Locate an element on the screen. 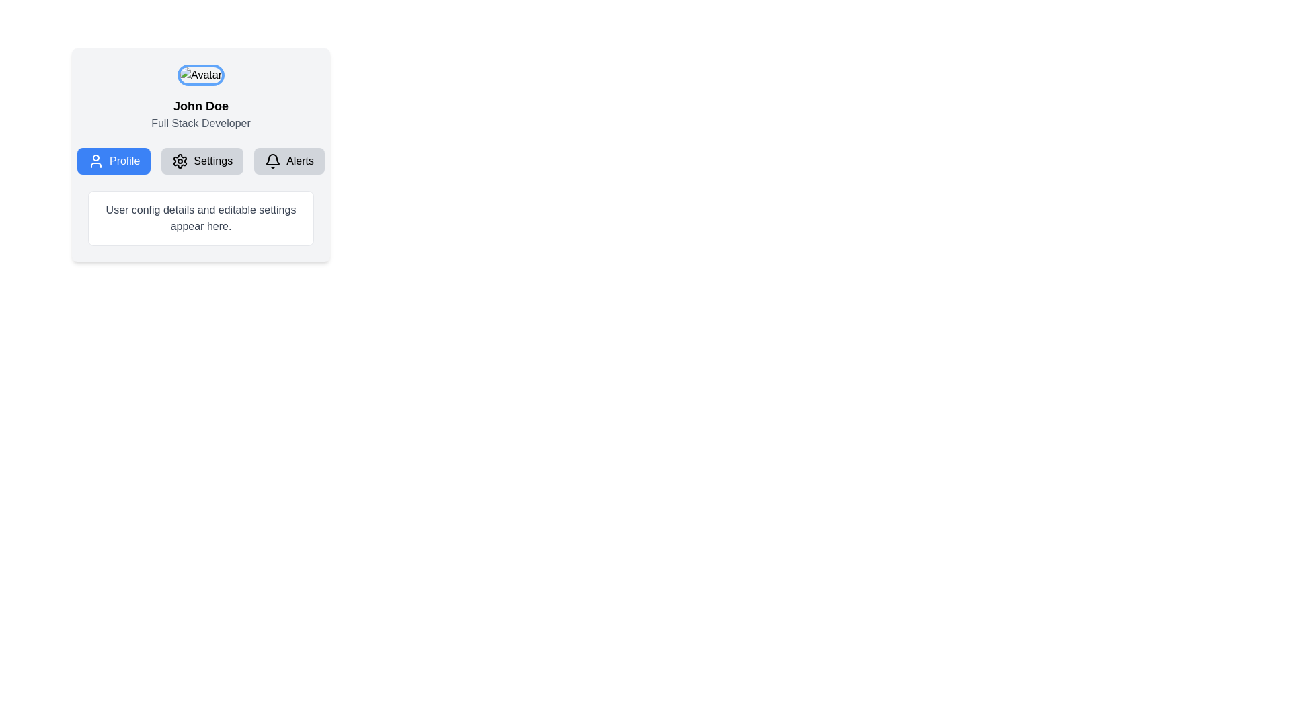  the user profile icon, which is a simple human figure with a blue background and white outline, located inside the 'Profile' button in the top left section is located at coordinates (95, 160).